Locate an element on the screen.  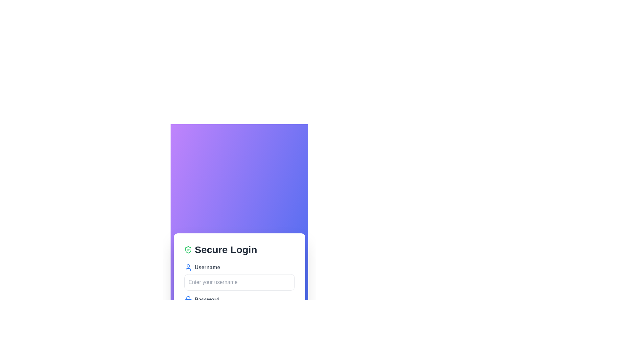
the submit button is located at coordinates (239, 338).